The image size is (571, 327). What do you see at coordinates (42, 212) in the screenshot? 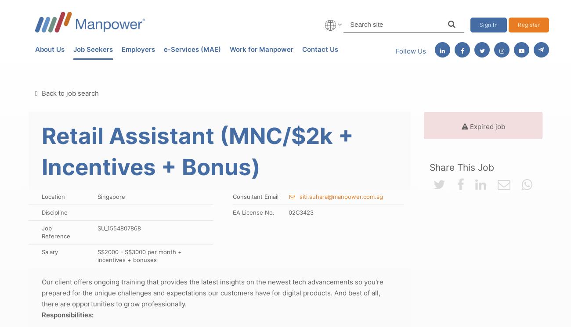
I see `'Discipline'` at bounding box center [42, 212].